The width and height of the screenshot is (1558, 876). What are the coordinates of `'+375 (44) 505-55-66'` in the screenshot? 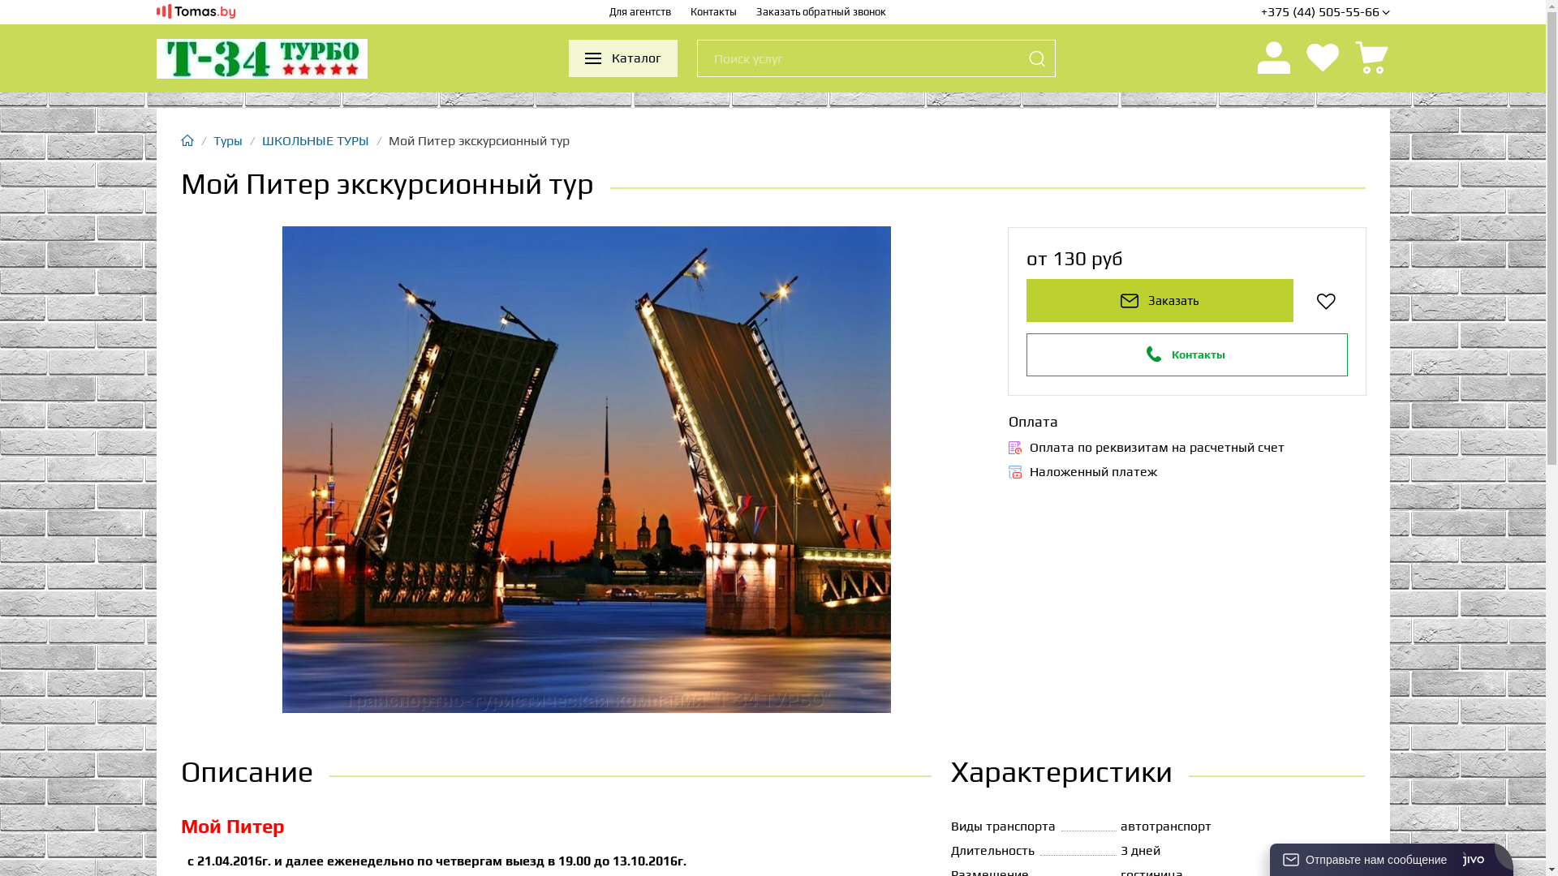 It's located at (1260, 12).